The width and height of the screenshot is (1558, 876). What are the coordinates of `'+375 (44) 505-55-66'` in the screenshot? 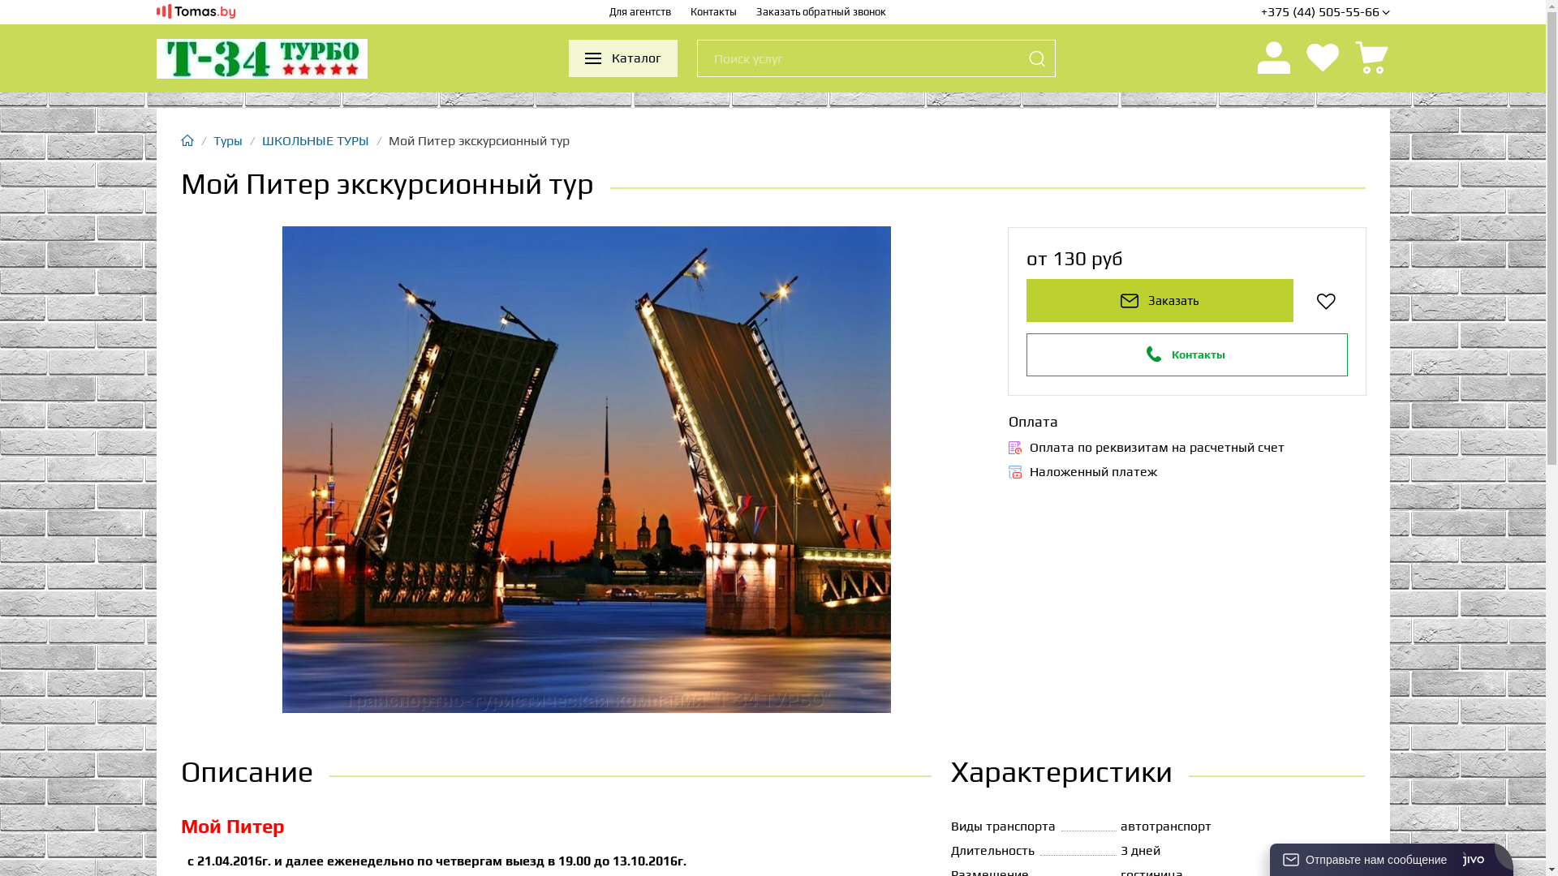 It's located at (1260, 12).